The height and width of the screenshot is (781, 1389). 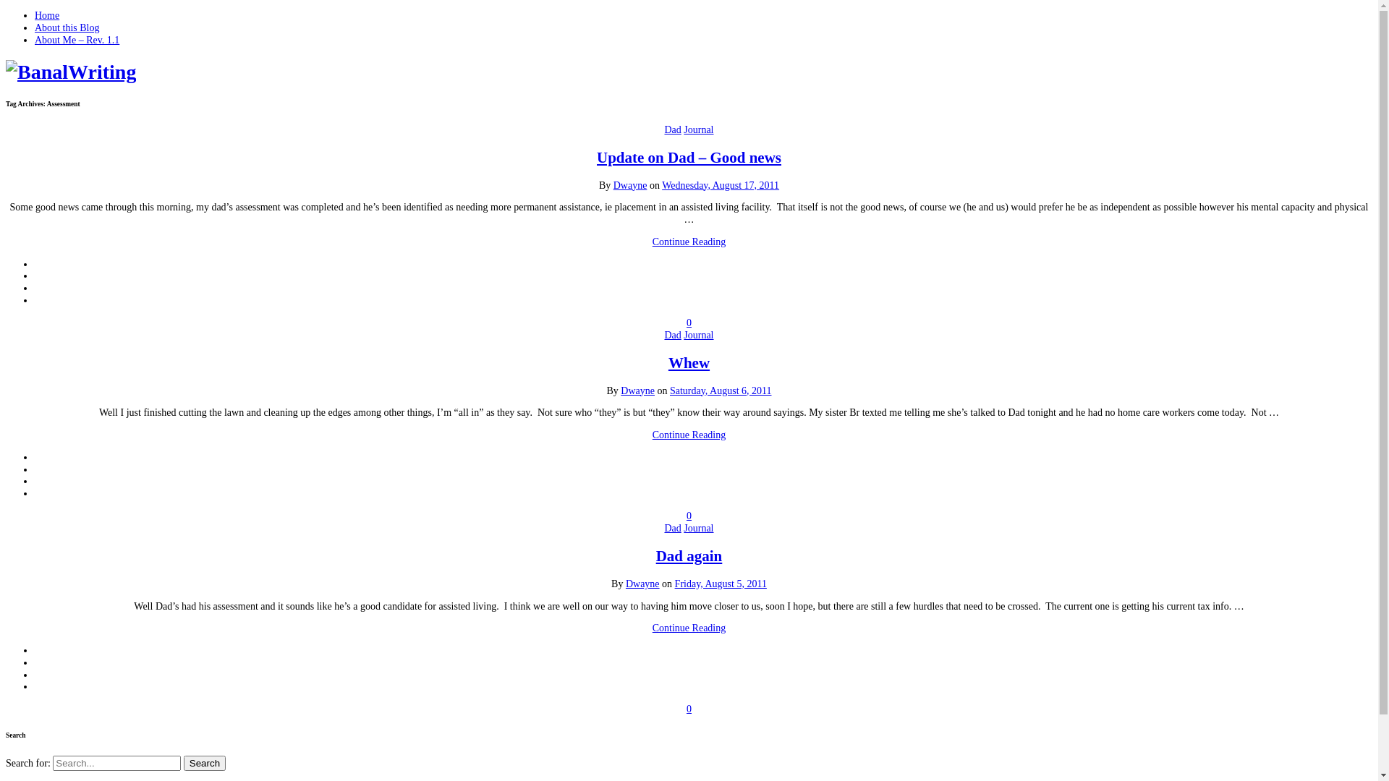 What do you see at coordinates (661, 184) in the screenshot?
I see `'Wednesday, August 17, 2011'` at bounding box center [661, 184].